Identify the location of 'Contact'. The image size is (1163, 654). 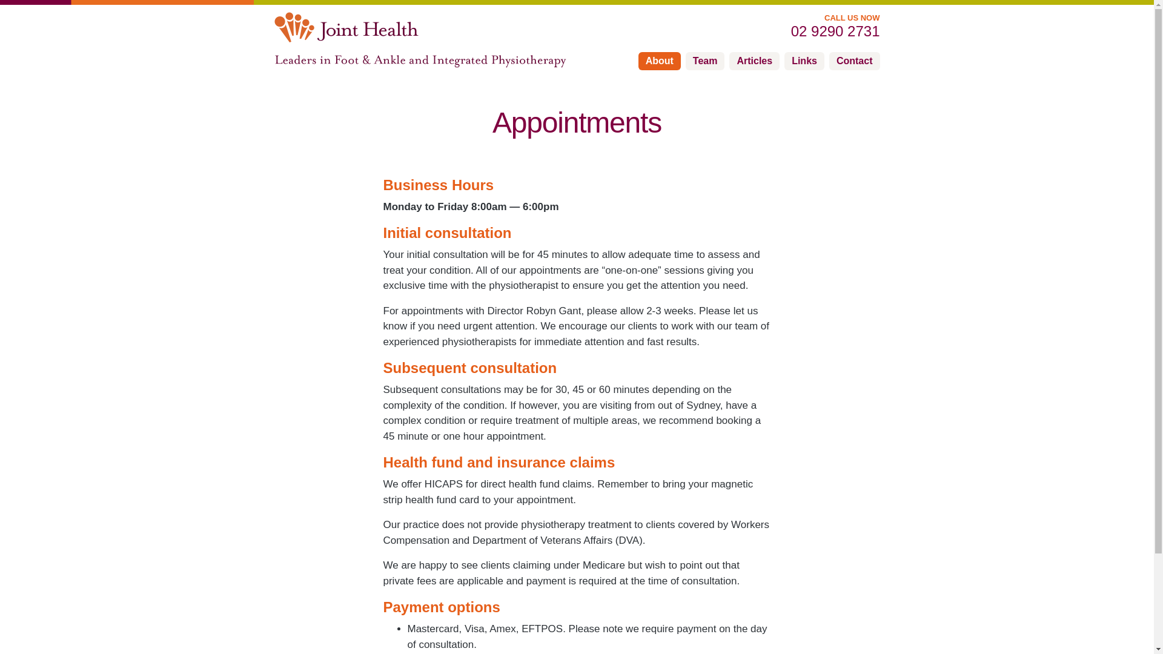
(854, 61).